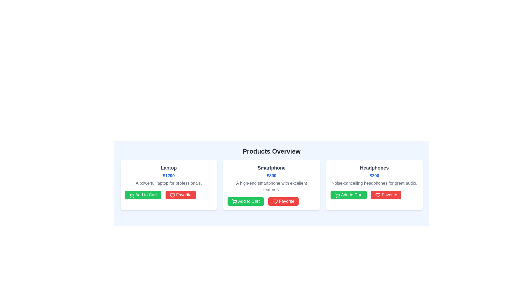 The image size is (511, 287). What do you see at coordinates (168, 183) in the screenshot?
I see `the descriptive text line styled in gray, reading 'A powerful laptop for professionals,' located under the price '$1200' in the first column of the product card` at bounding box center [168, 183].